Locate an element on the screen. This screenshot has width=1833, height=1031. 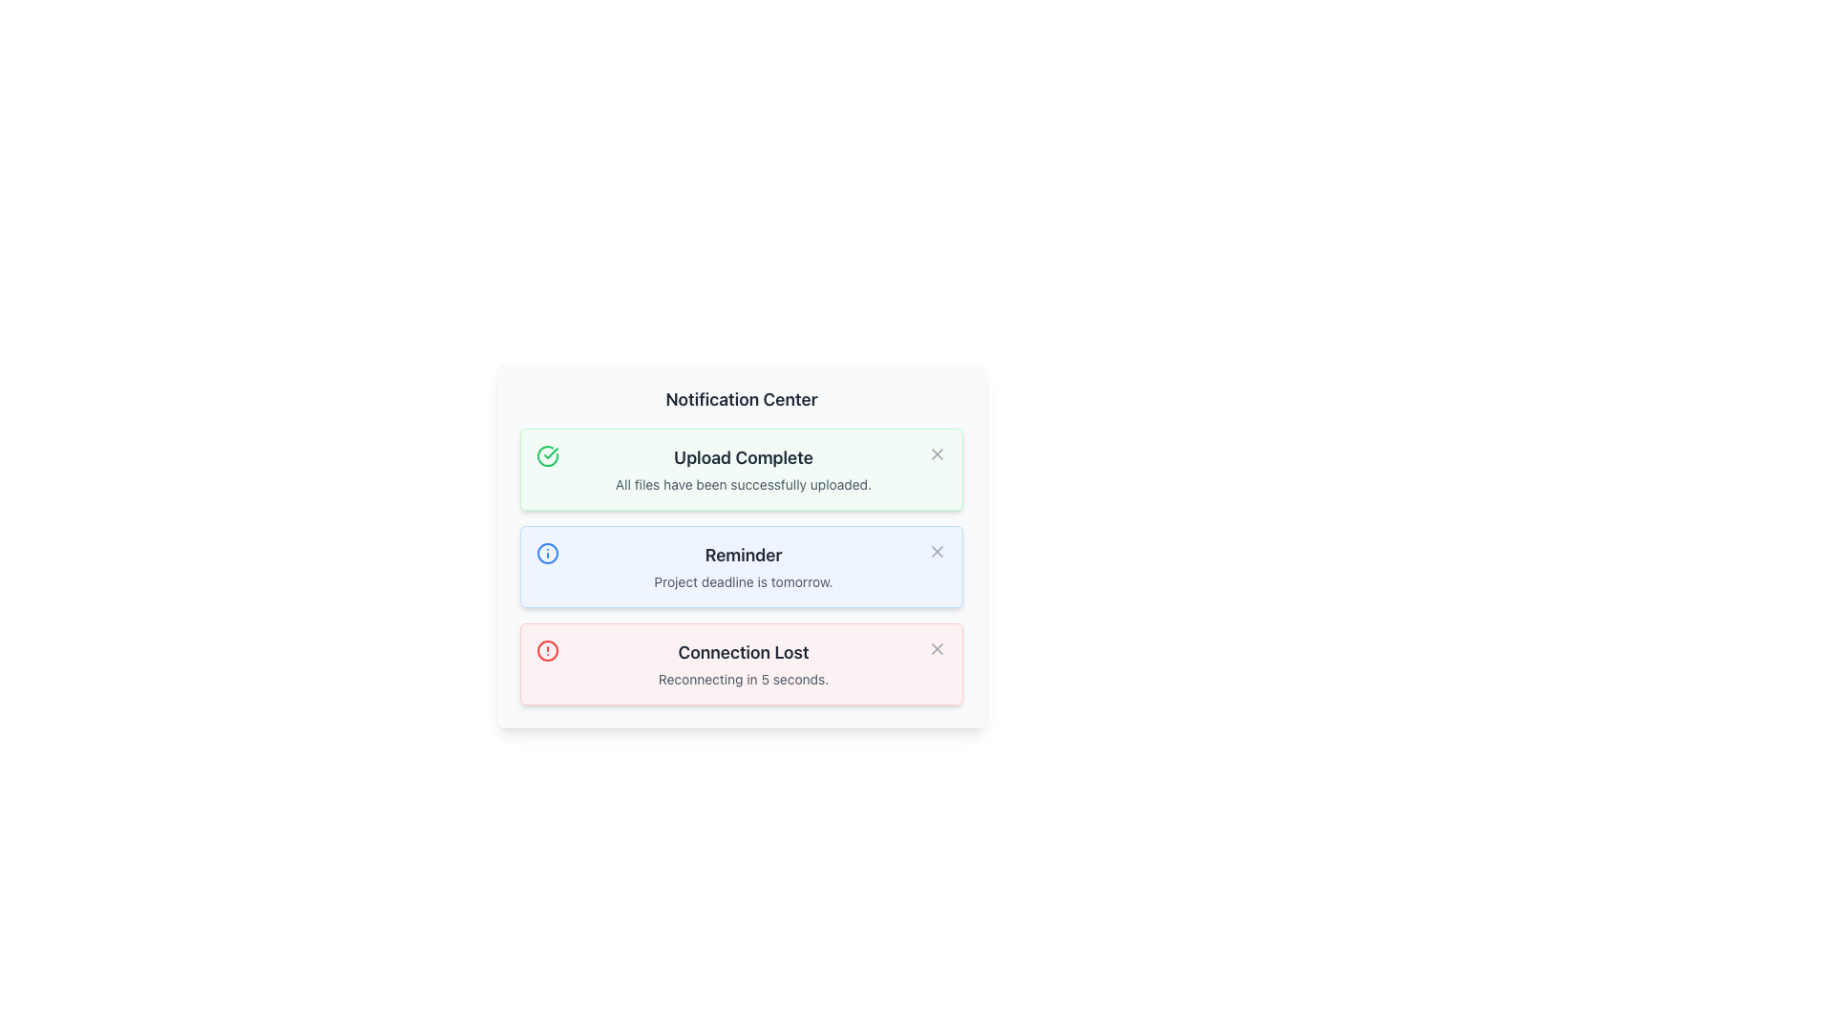
'Upload Complete' text label displayed in bold, large font at the top of the Notification Center interface, centrally positioned within the green-bordered notification box is located at coordinates (742, 457).